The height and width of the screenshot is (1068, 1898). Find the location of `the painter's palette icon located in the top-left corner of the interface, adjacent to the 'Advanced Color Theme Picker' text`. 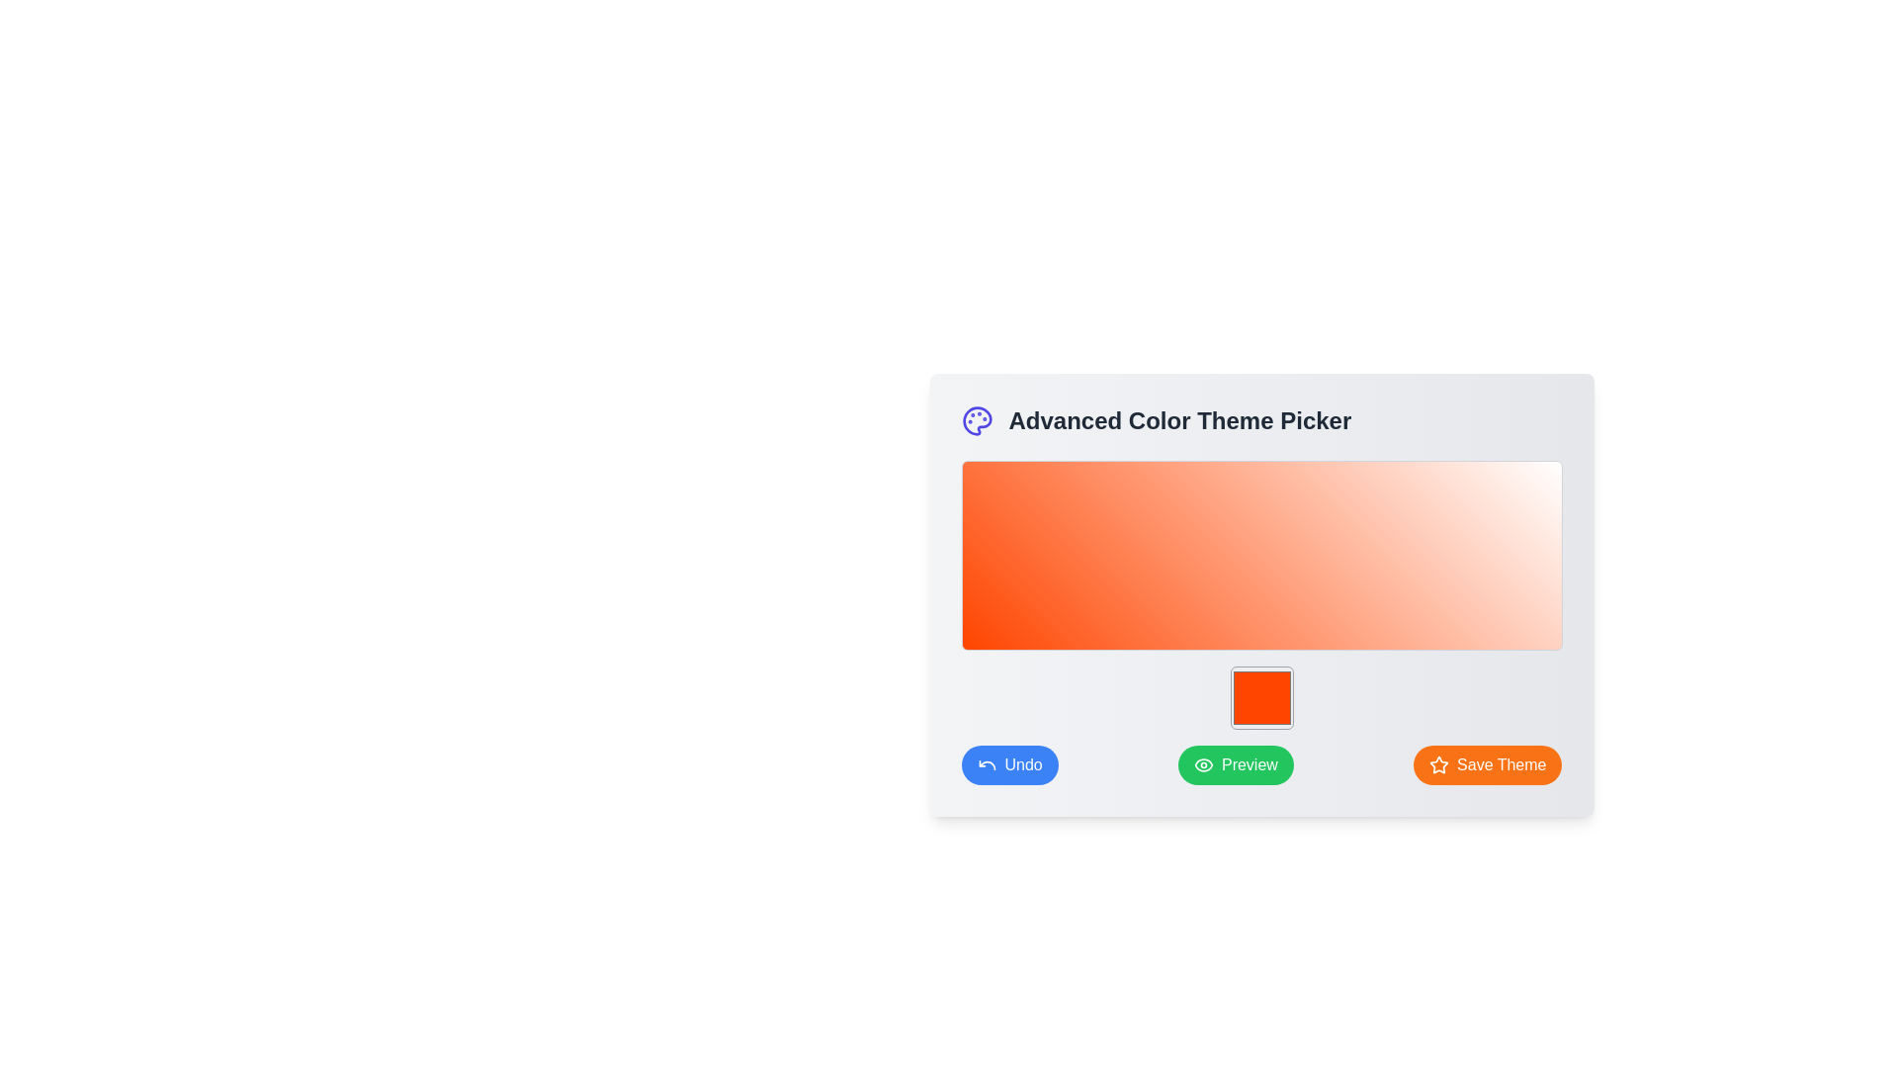

the painter's palette icon located in the top-left corner of the interface, adjacent to the 'Advanced Color Theme Picker' text is located at coordinates (977, 419).